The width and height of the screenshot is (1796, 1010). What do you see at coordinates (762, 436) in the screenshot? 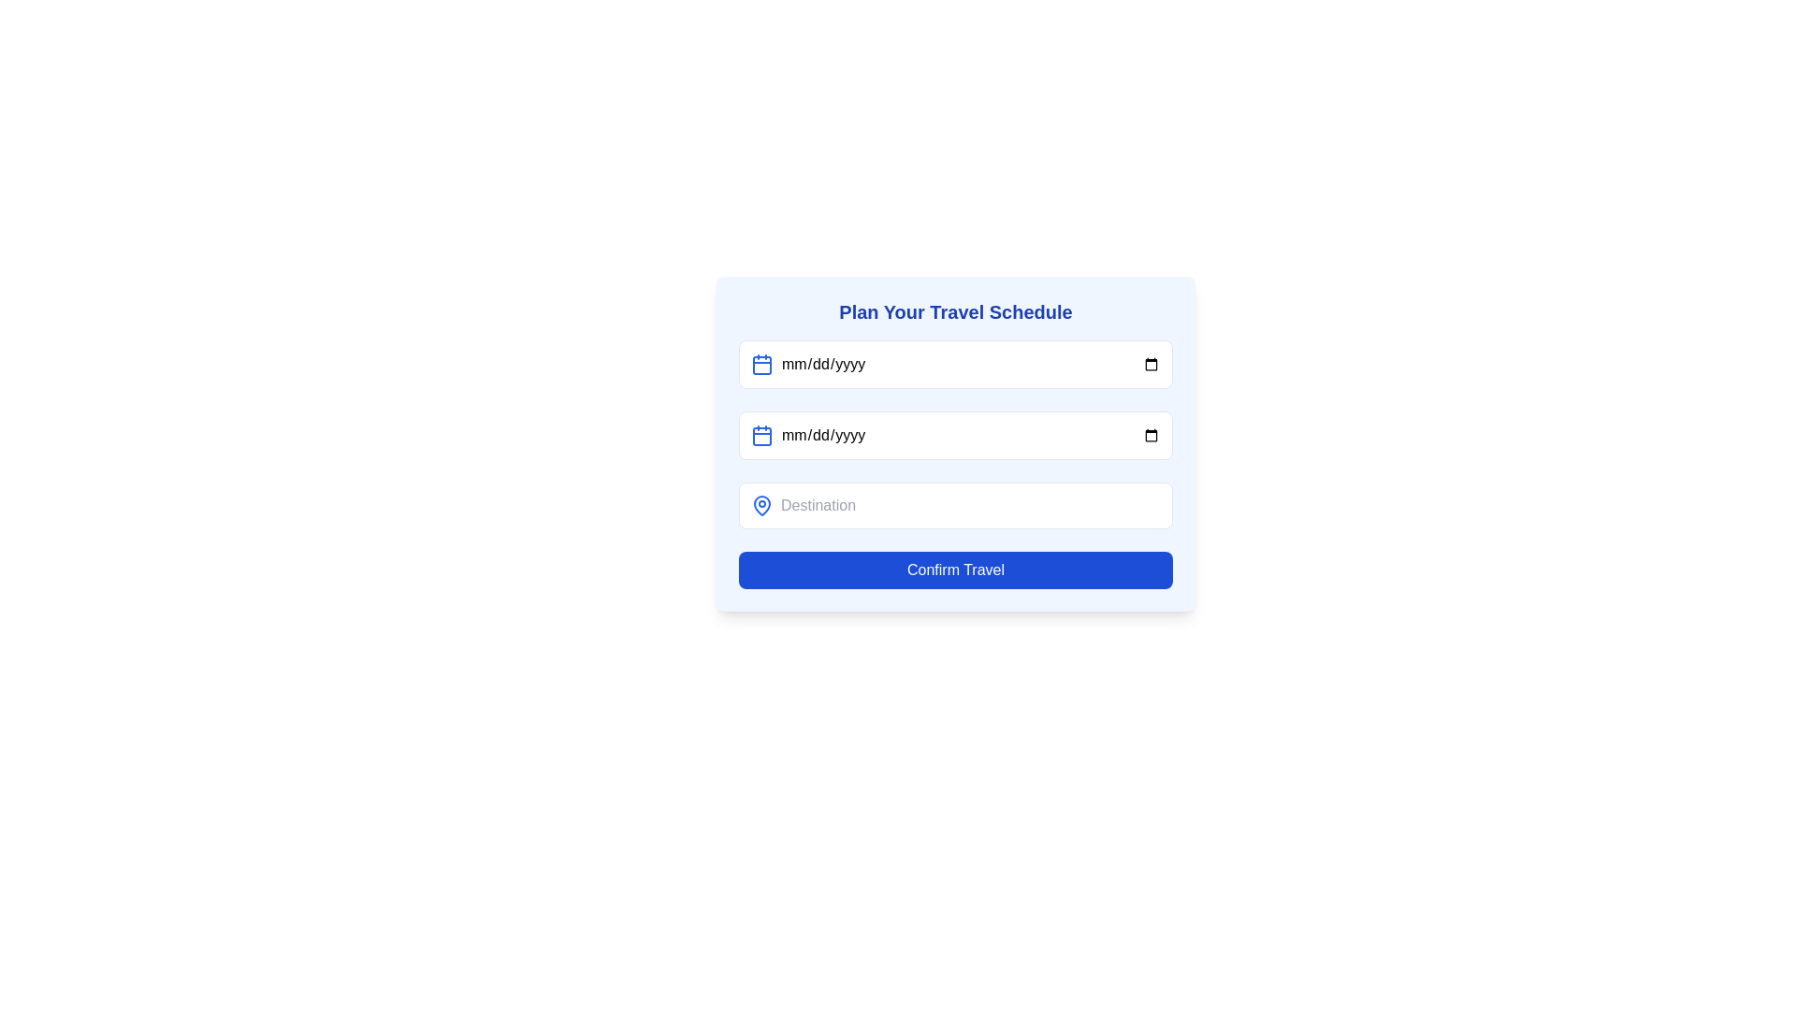
I see `the blue calendar icon located to the left of the 'End Date' input field` at bounding box center [762, 436].